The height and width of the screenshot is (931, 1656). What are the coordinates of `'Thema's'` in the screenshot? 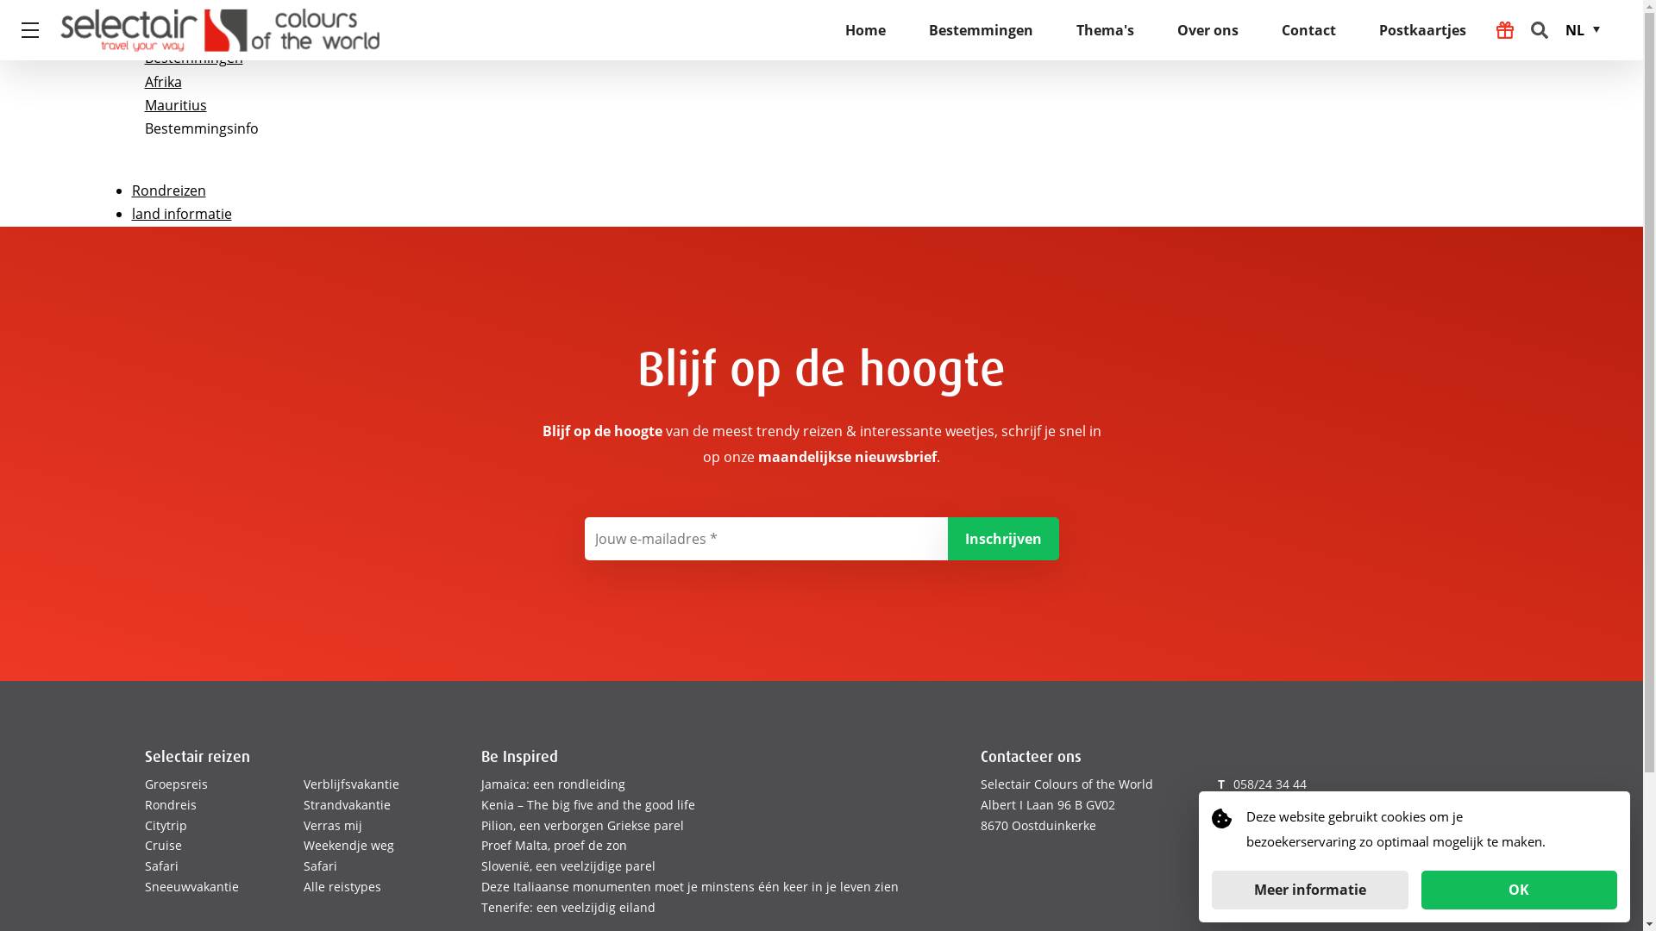 It's located at (1105, 29).